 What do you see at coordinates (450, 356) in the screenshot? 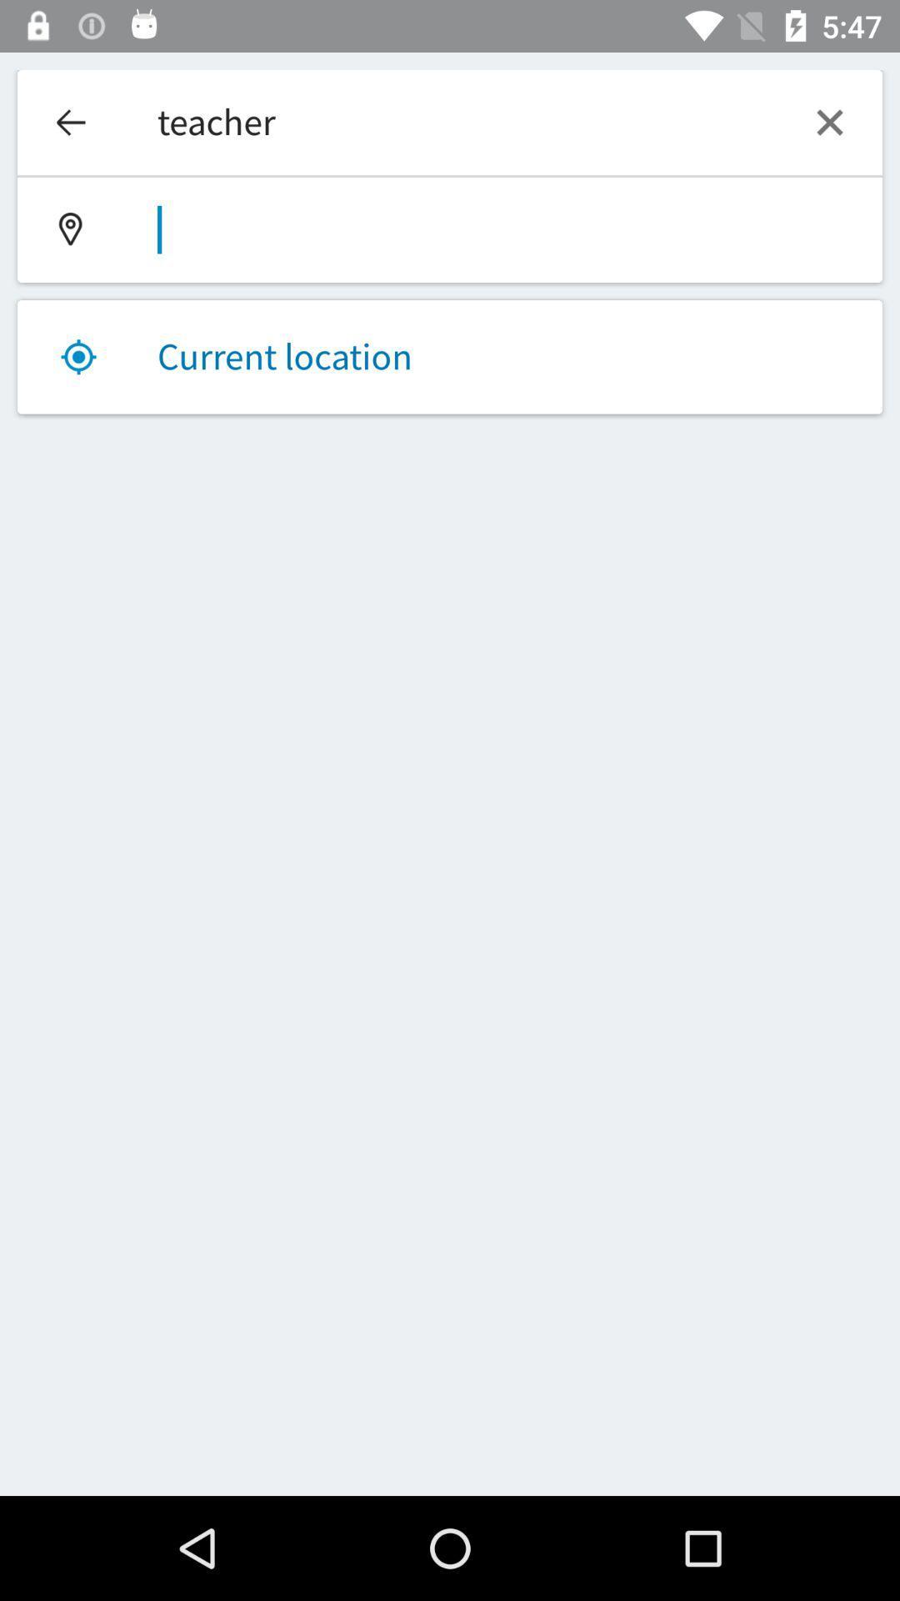
I see `the current location item` at bounding box center [450, 356].